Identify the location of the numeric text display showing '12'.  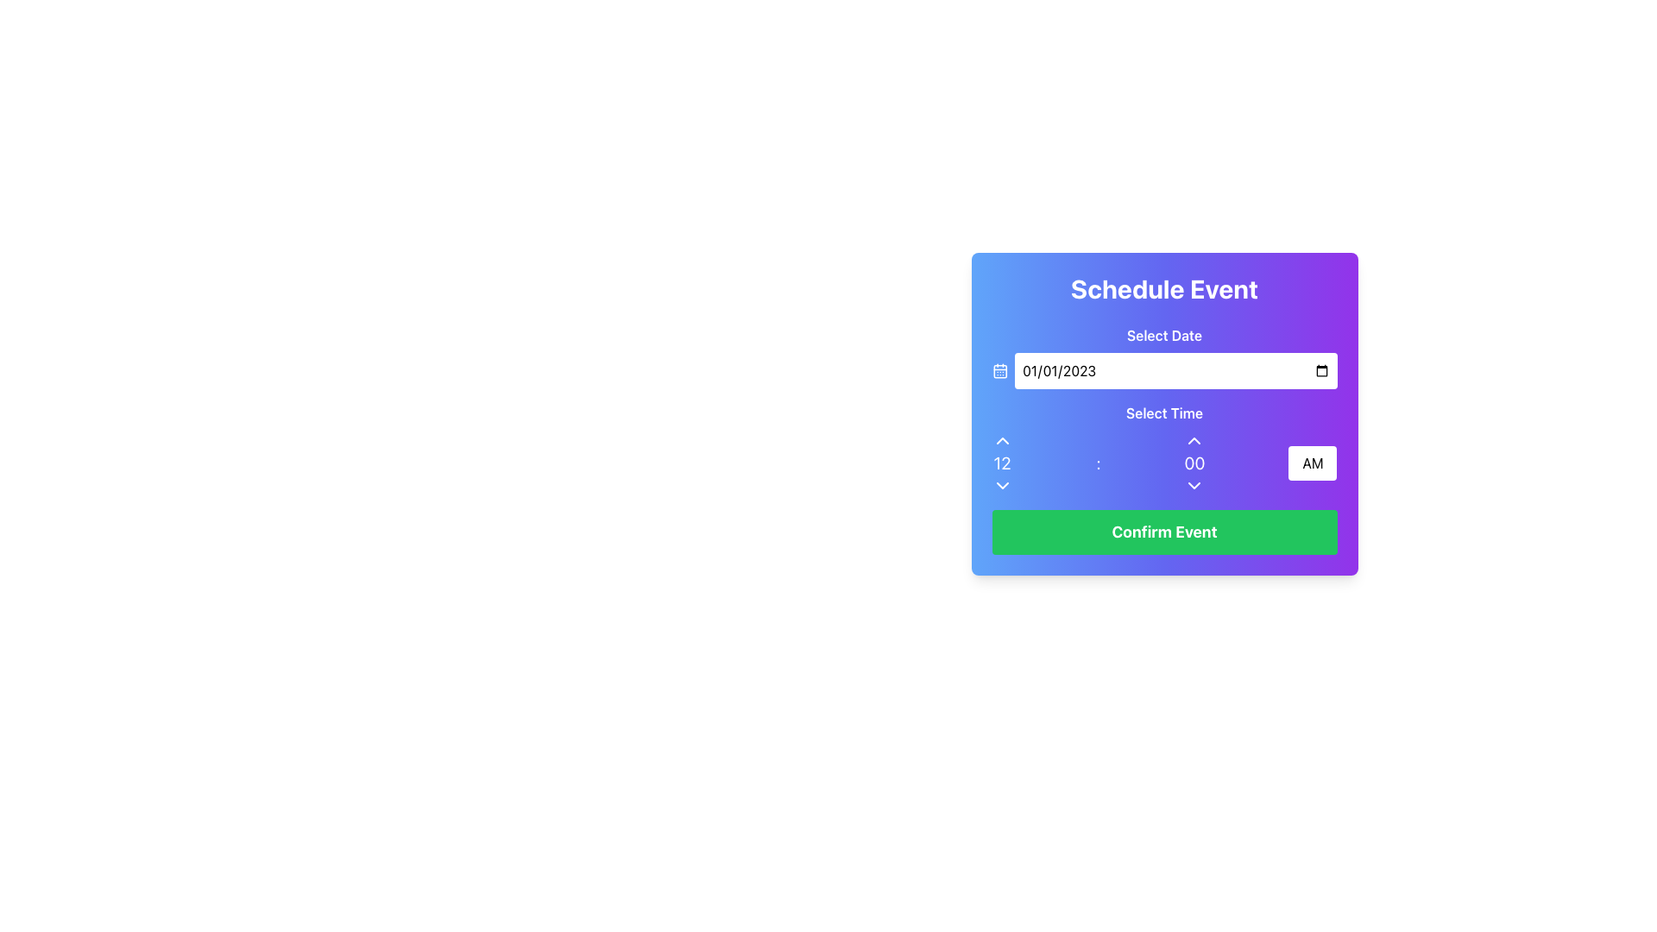
(1002, 462).